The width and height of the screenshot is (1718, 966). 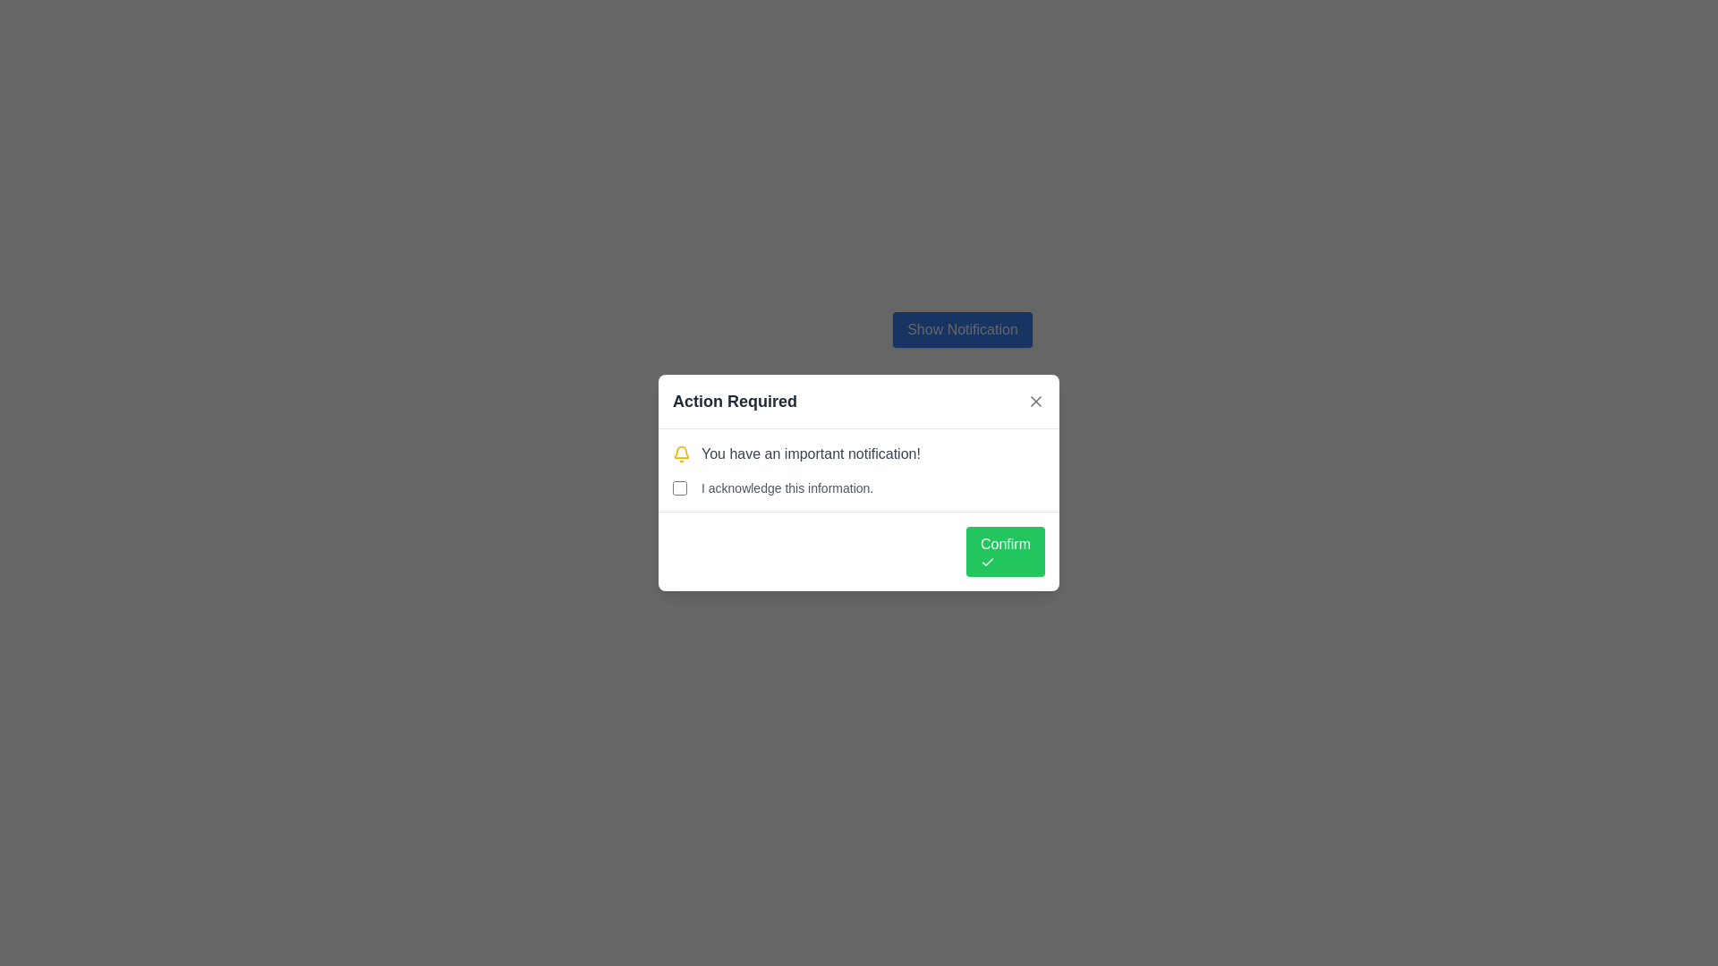 What do you see at coordinates (1035, 400) in the screenshot?
I see `the Close Button (Icon) located at the top-right corner of the 'Action Required' modal` at bounding box center [1035, 400].